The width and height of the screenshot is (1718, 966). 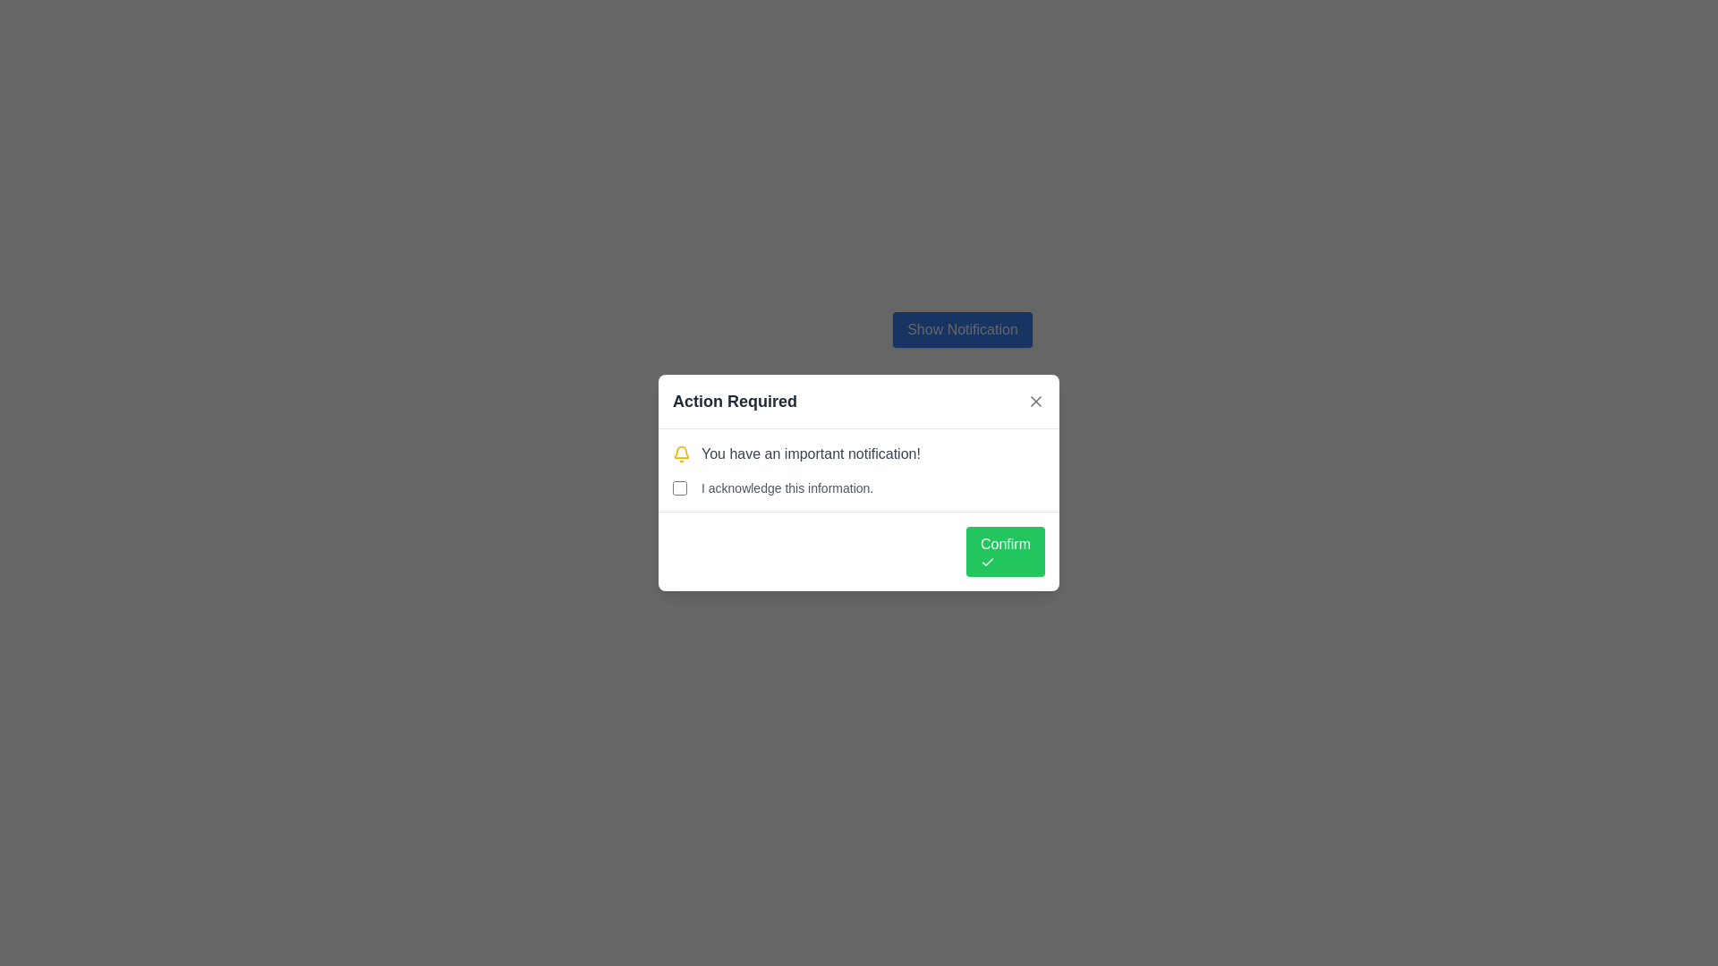 What do you see at coordinates (1035, 400) in the screenshot?
I see `the Close Button (Icon) located at the top-right corner of the 'Action Required' modal` at bounding box center [1035, 400].